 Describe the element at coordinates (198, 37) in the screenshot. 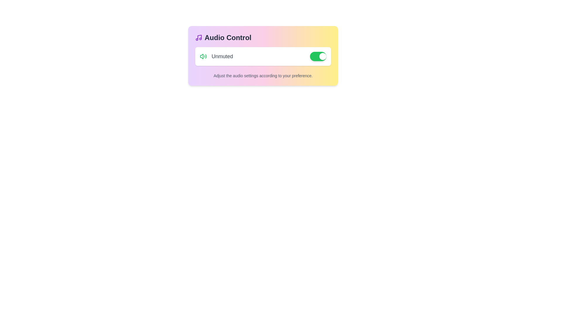

I see `the audio feature icon located in the 'Audio Control' section at the top-left corner` at that location.